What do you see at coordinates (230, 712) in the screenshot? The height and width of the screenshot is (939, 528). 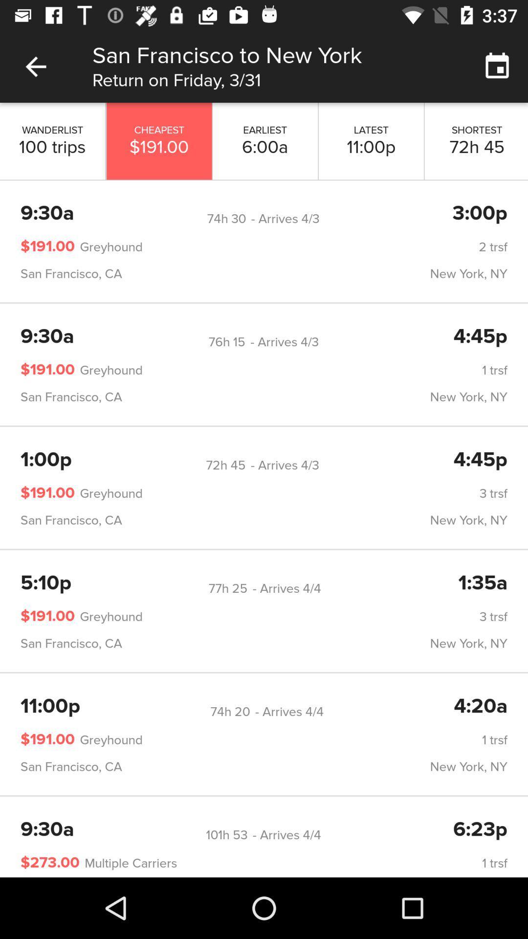 I see `the icon above 1 trsf icon` at bounding box center [230, 712].